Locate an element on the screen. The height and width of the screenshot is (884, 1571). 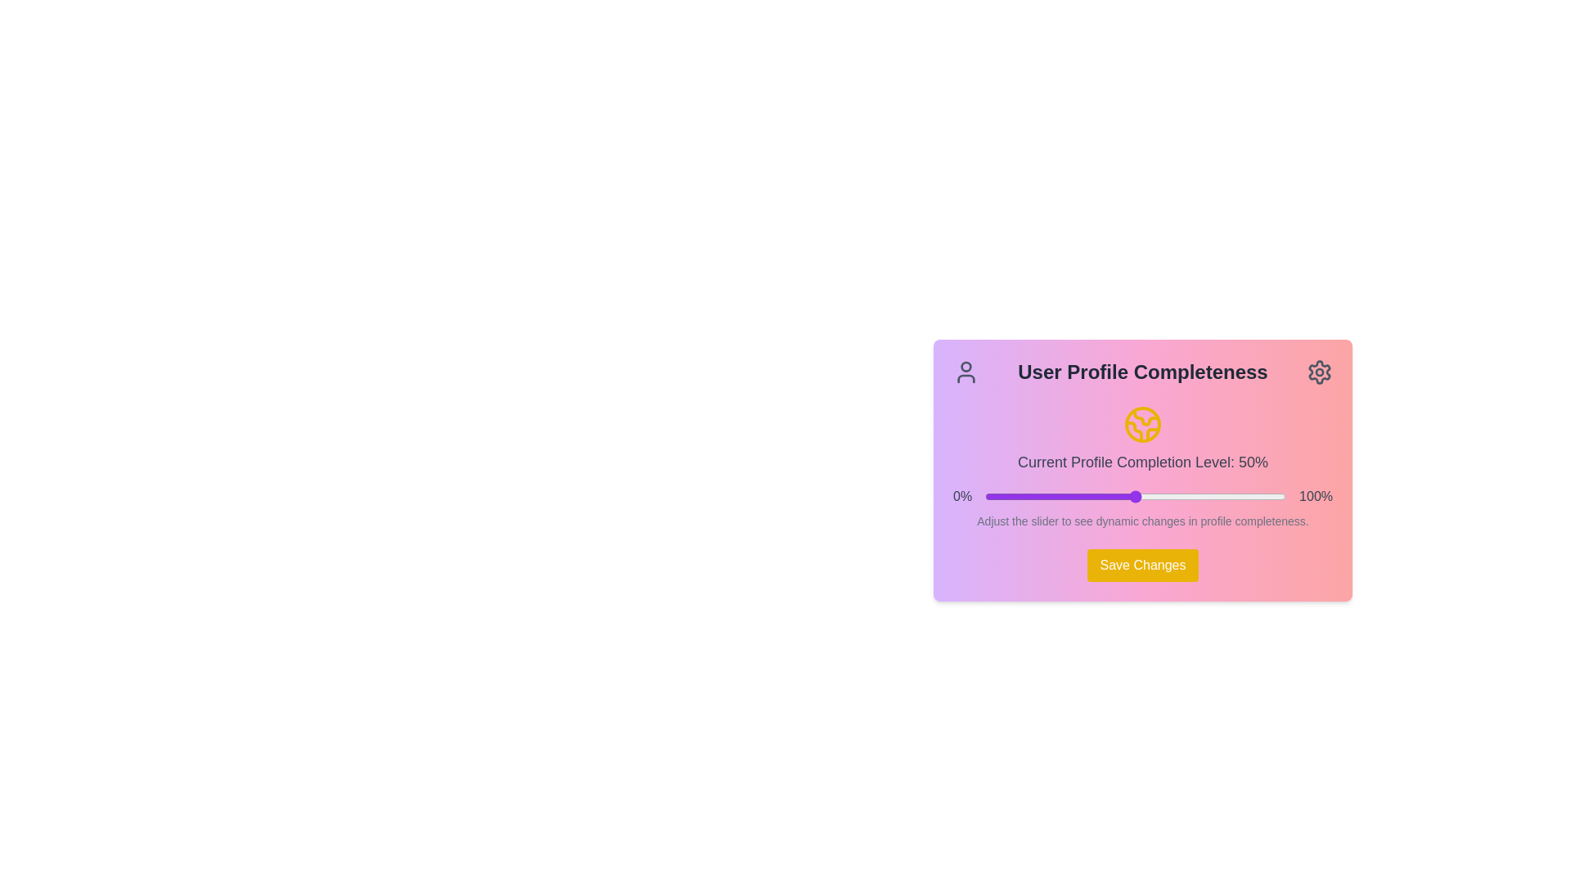
the profile completeness level is located at coordinates (1249, 495).